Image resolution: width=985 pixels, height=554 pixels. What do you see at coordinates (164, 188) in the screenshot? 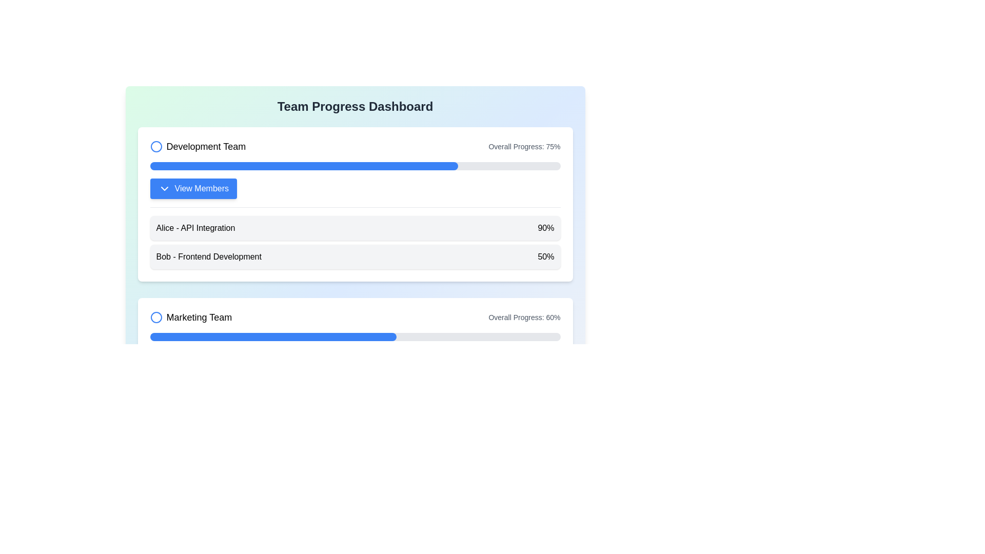
I see `the dropdown icon located to the left of the 'View Members' button` at bounding box center [164, 188].